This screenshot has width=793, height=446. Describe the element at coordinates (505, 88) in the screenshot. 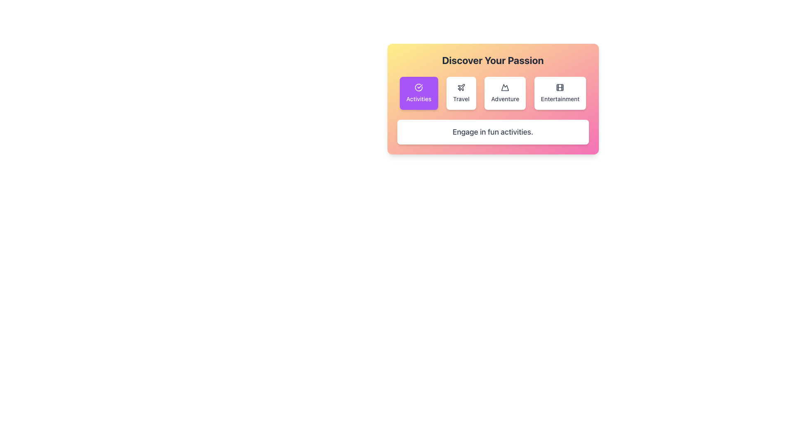

I see `the decorative 'Adventure' icon located centrally within the 'Adventure' button, which is the third button in the horizontal row under the 'Discover Your Passion' section` at that location.